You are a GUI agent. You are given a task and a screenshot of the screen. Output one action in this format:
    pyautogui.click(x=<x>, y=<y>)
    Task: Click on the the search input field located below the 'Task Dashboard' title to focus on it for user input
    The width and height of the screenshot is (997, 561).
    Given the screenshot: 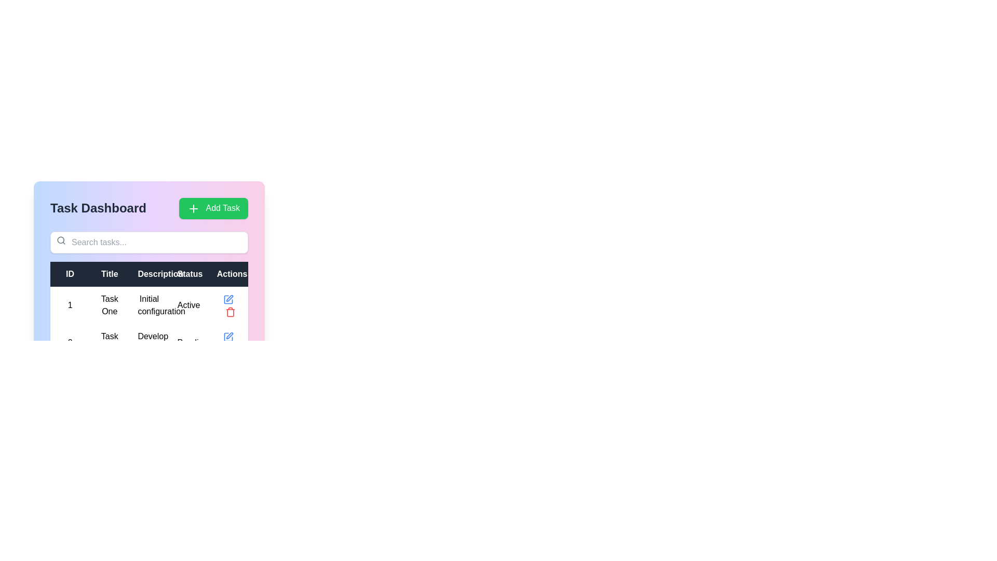 What is the action you would take?
    pyautogui.click(x=149, y=242)
    